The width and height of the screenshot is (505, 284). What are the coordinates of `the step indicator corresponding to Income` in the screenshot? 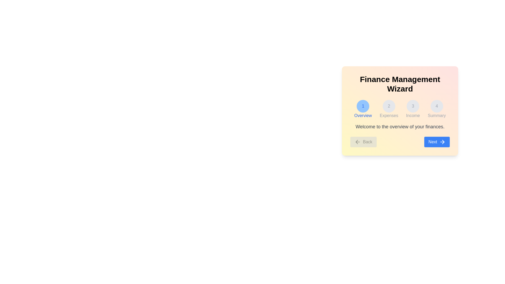 It's located at (413, 109).